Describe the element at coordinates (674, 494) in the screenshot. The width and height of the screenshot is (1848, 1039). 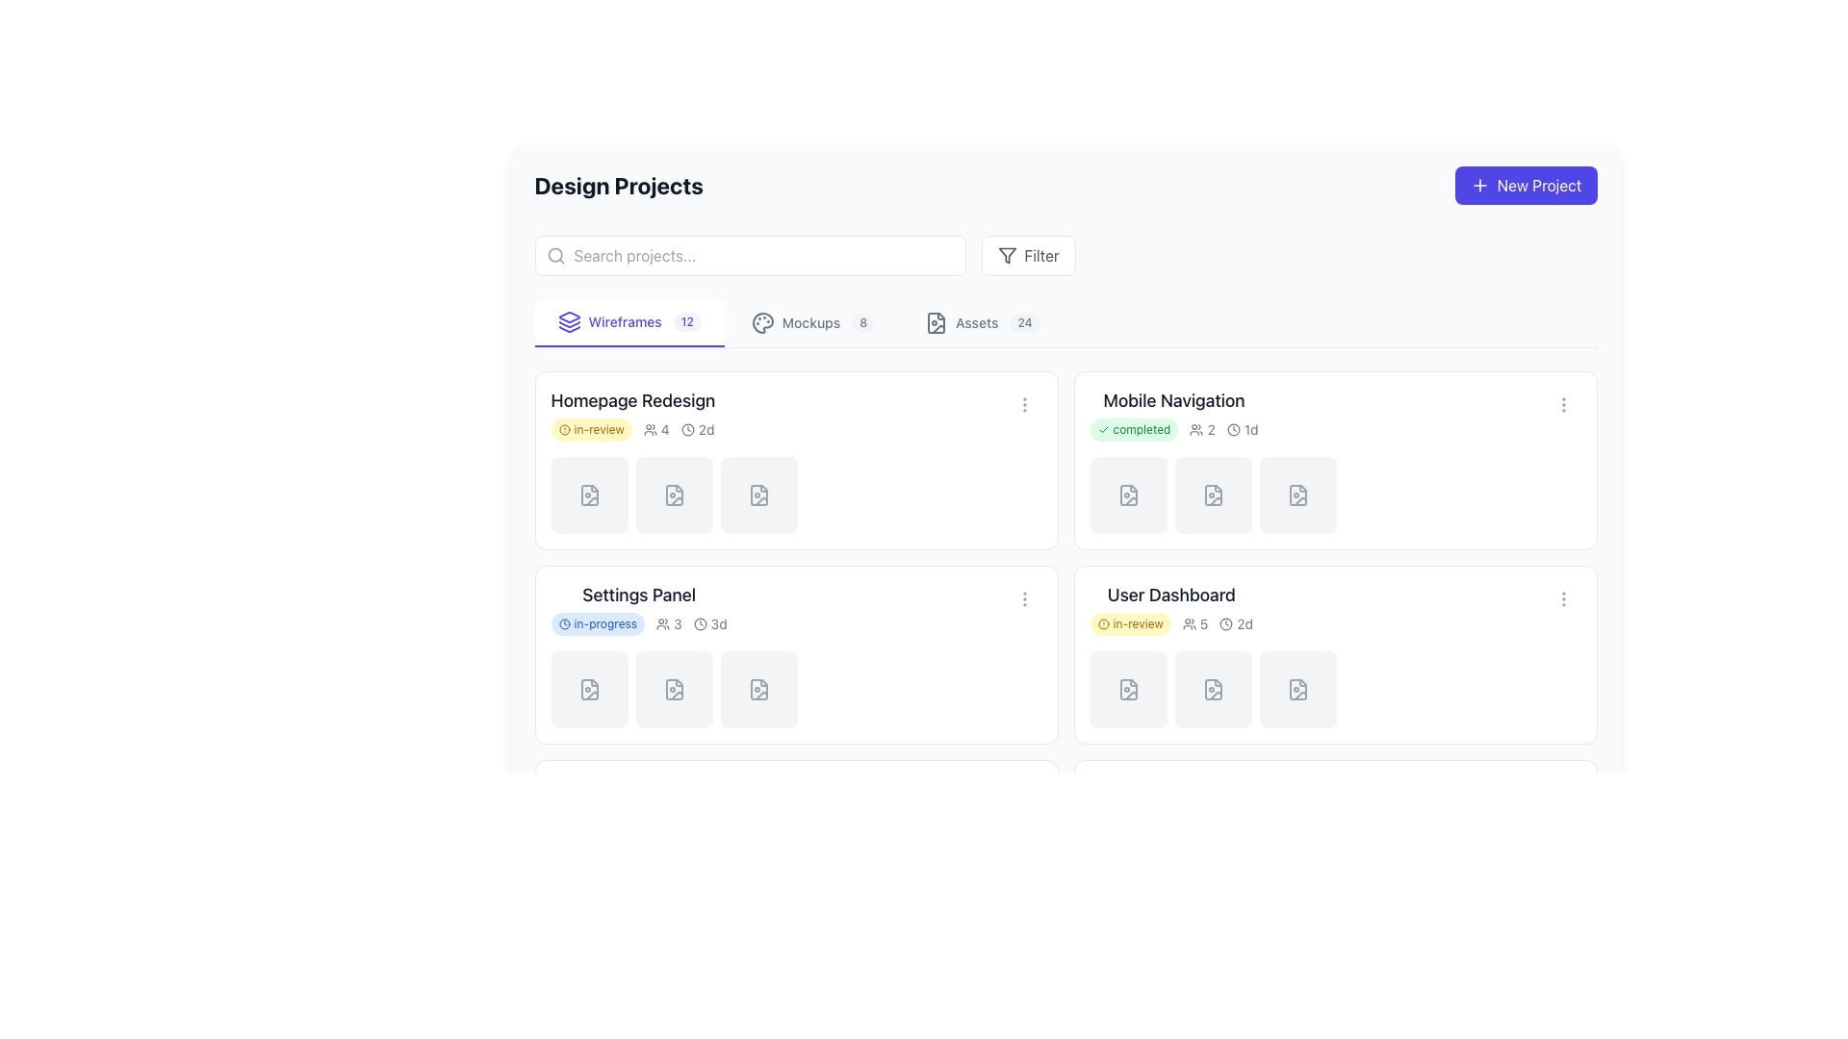
I see `the non-interactive document icon located within the 'Homepage Redesign' project card, specifically in the second card from the left in the top row of the grid` at that location.